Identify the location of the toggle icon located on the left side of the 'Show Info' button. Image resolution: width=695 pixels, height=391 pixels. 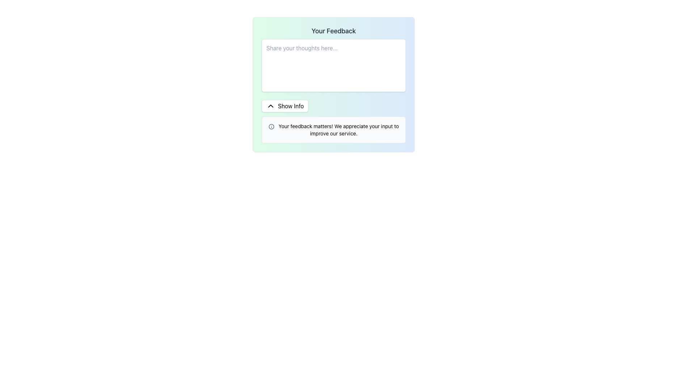
(270, 106).